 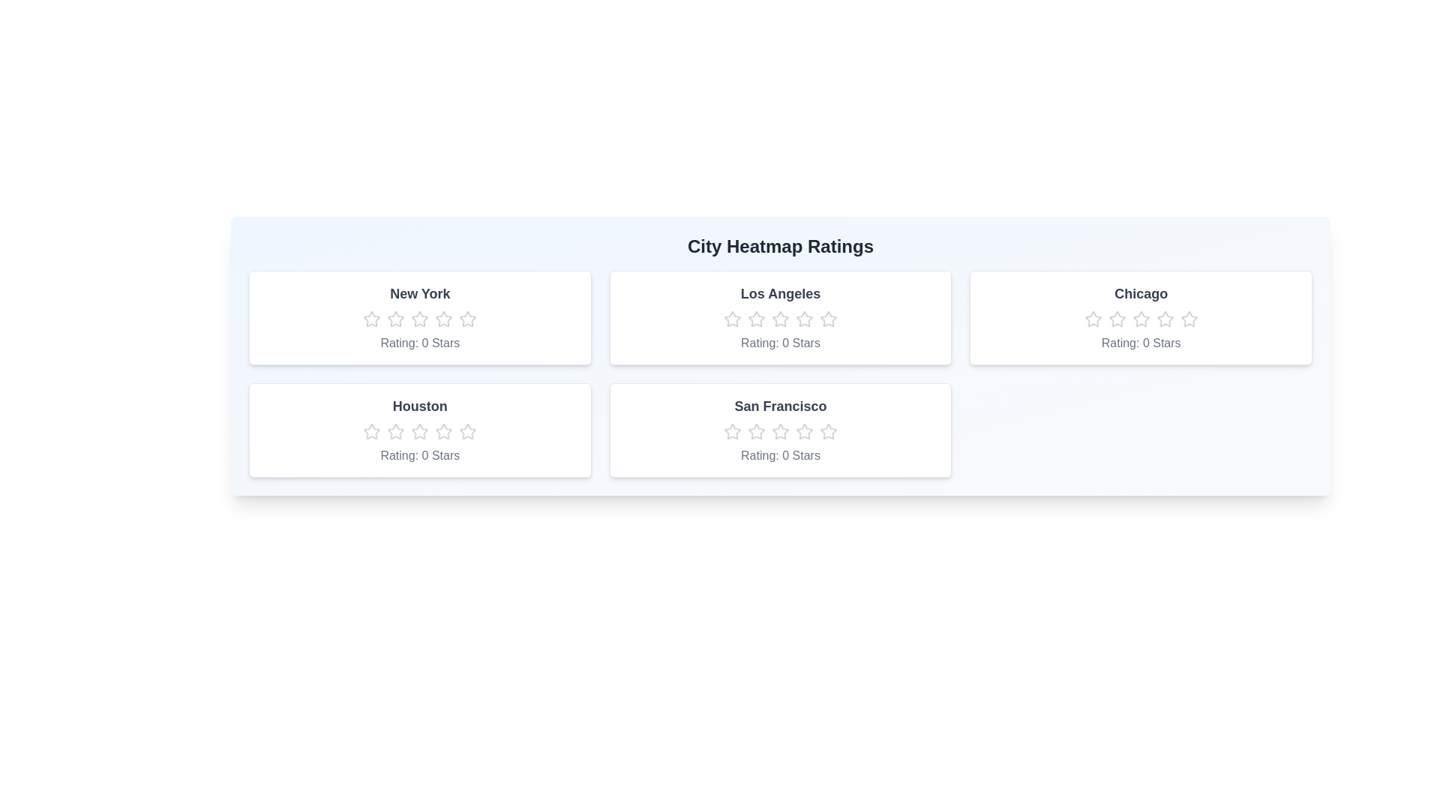 I want to click on the text of Los Angeles by selecting it, so click(x=622, y=283).